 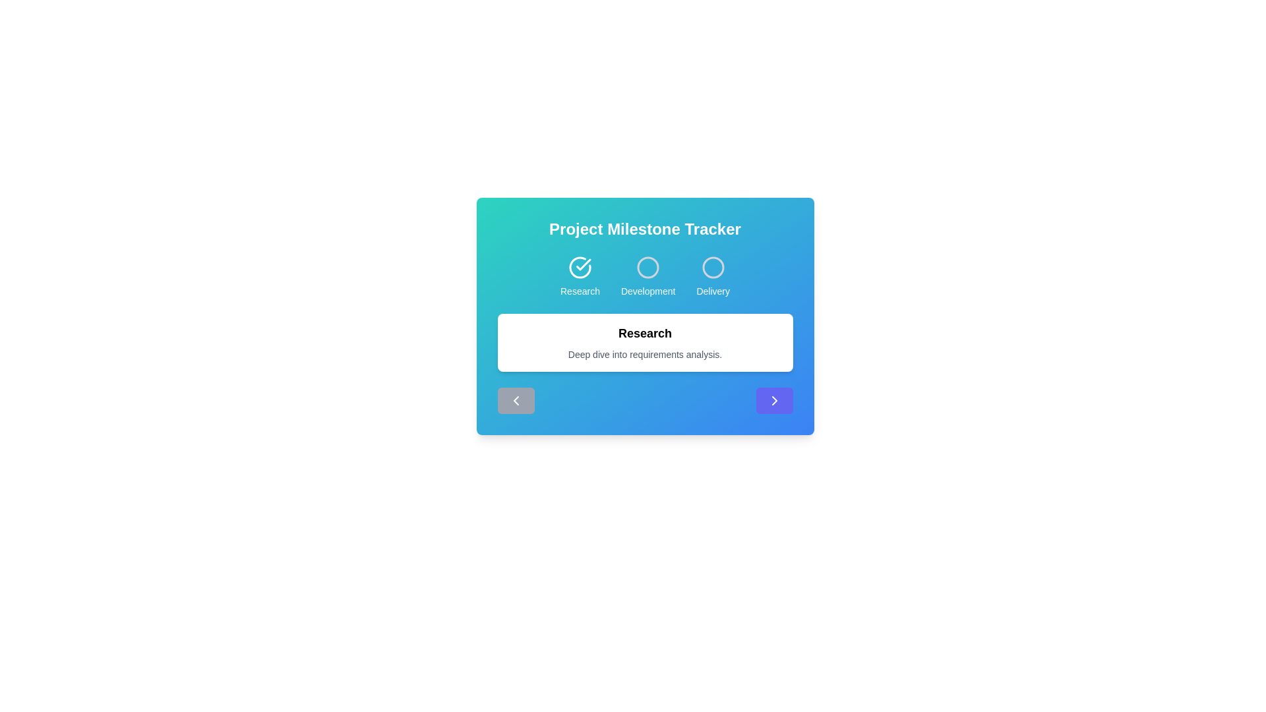 I want to click on the navigation control bar located at the bottom section of the 'Project Milestone Tracker' interface, which houses the navigation buttons for moving between different milestones or sections, so click(x=645, y=400).